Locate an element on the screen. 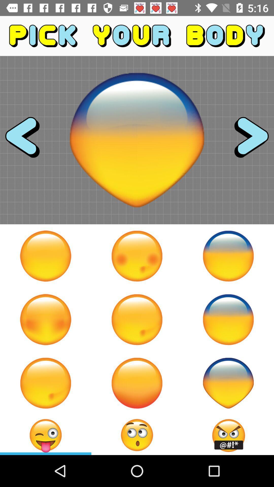 This screenshot has width=274, height=487. circular face shape is located at coordinates (46, 256).